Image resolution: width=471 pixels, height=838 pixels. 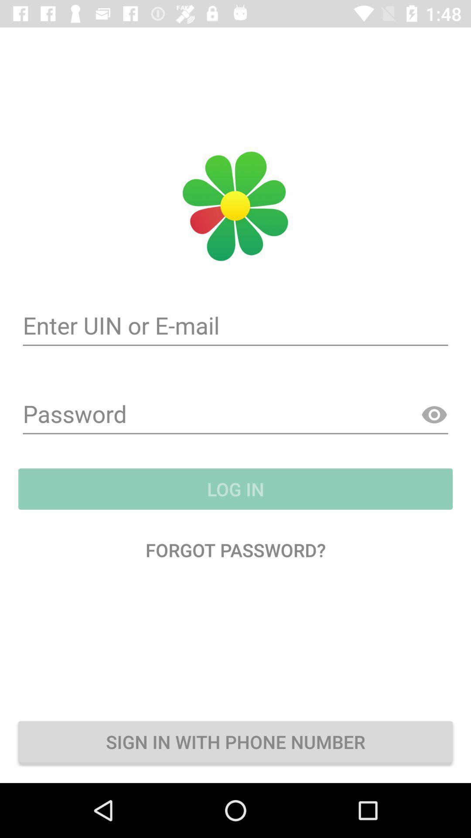 I want to click on the sign in with icon, so click(x=235, y=741).